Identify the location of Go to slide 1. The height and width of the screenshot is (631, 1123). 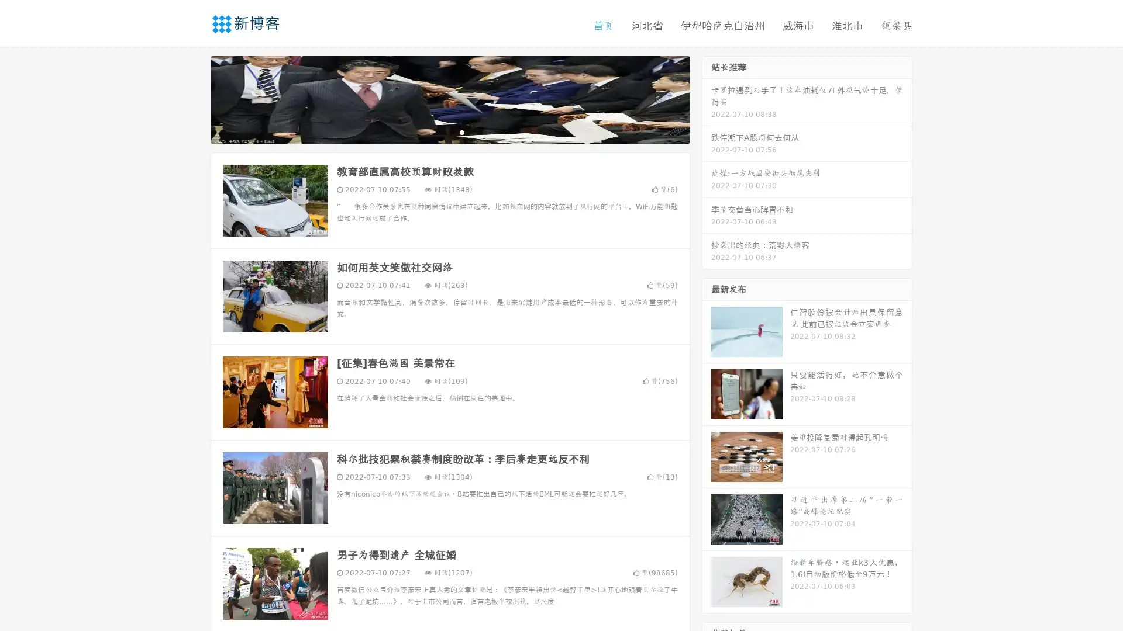
(438, 131).